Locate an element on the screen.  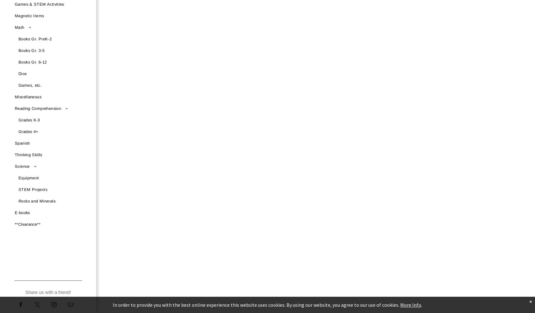
'Reading Comprehension' is located at coordinates (38, 108).